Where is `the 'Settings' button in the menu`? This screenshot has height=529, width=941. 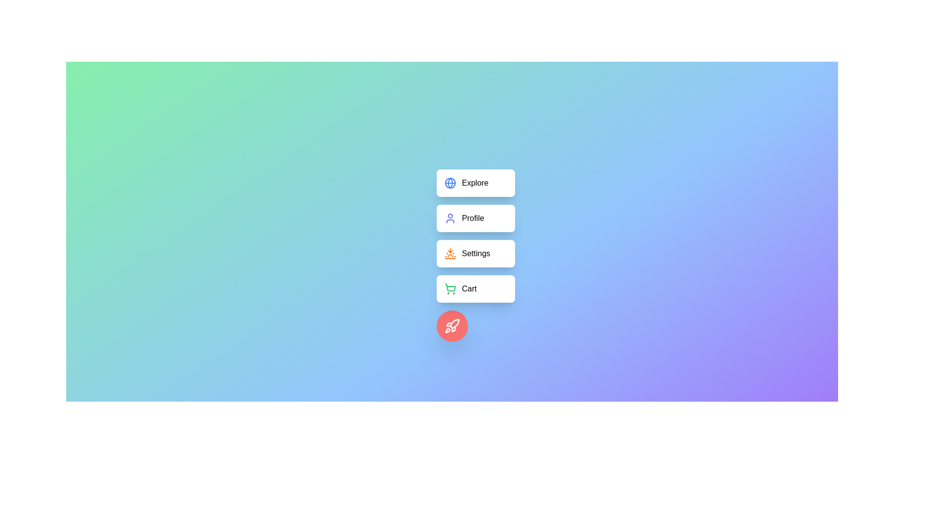 the 'Settings' button in the menu is located at coordinates (475, 253).